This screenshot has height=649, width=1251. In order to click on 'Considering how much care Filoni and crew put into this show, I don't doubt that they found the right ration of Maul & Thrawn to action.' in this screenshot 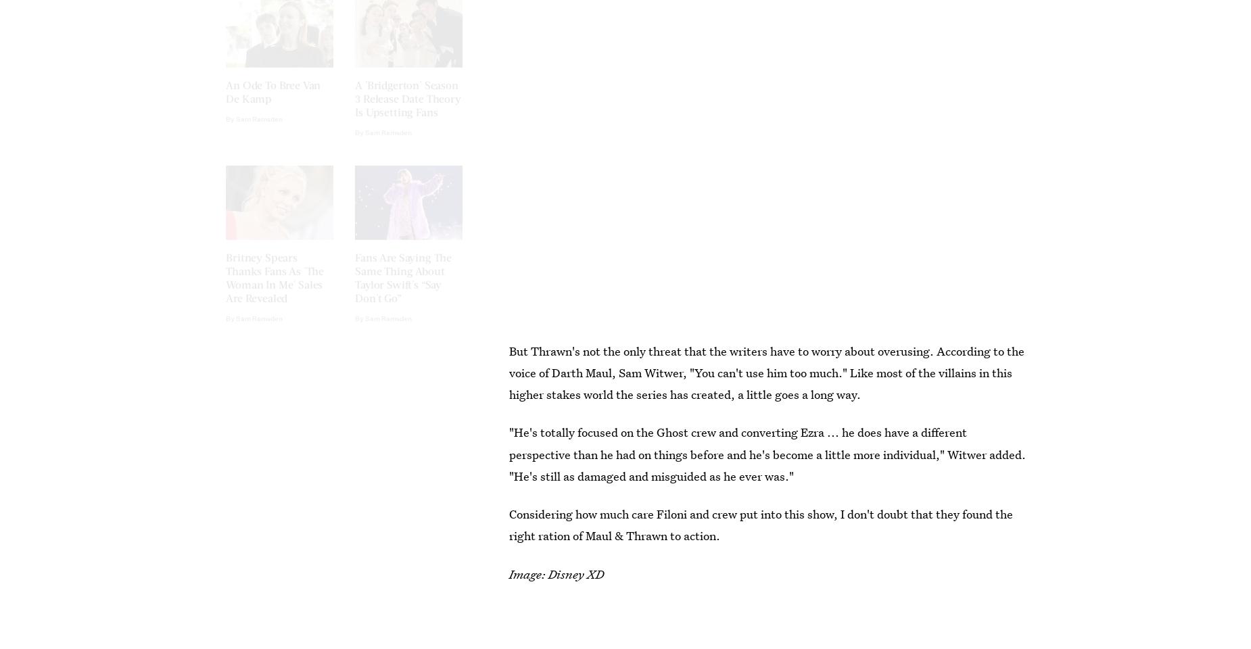, I will do `click(760, 524)`.